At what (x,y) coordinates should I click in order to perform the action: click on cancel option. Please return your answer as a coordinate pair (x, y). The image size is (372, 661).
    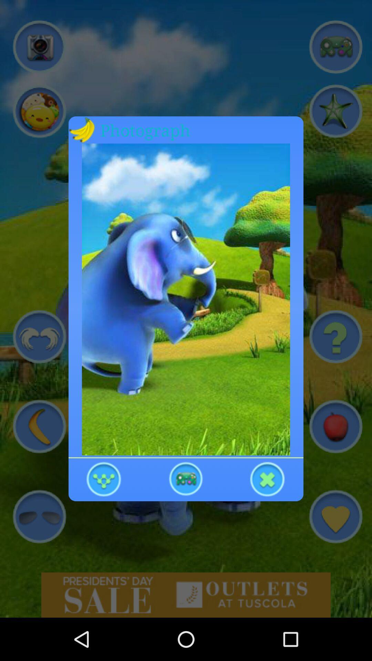
    Looking at the image, I should click on (267, 478).